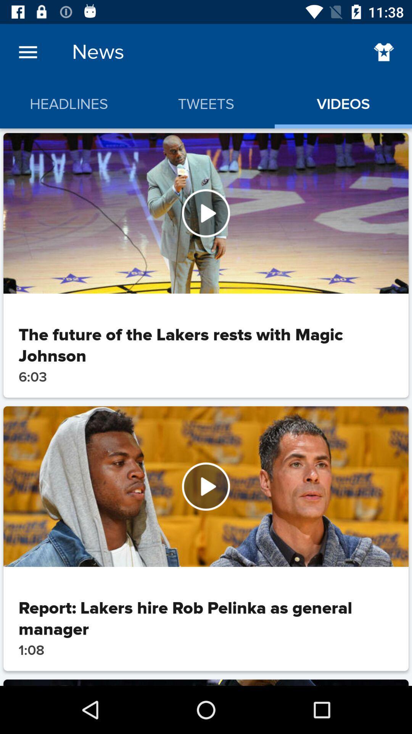 Image resolution: width=412 pixels, height=734 pixels. Describe the element at coordinates (206, 486) in the screenshot. I see `watch video` at that location.